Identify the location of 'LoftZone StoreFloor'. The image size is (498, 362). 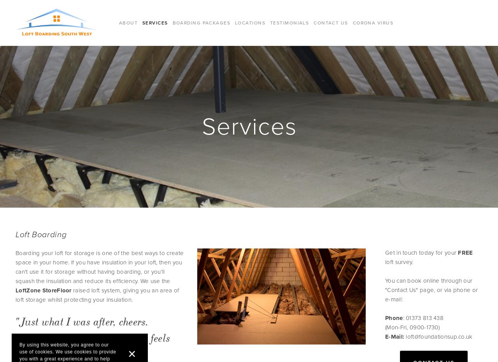
(43, 290).